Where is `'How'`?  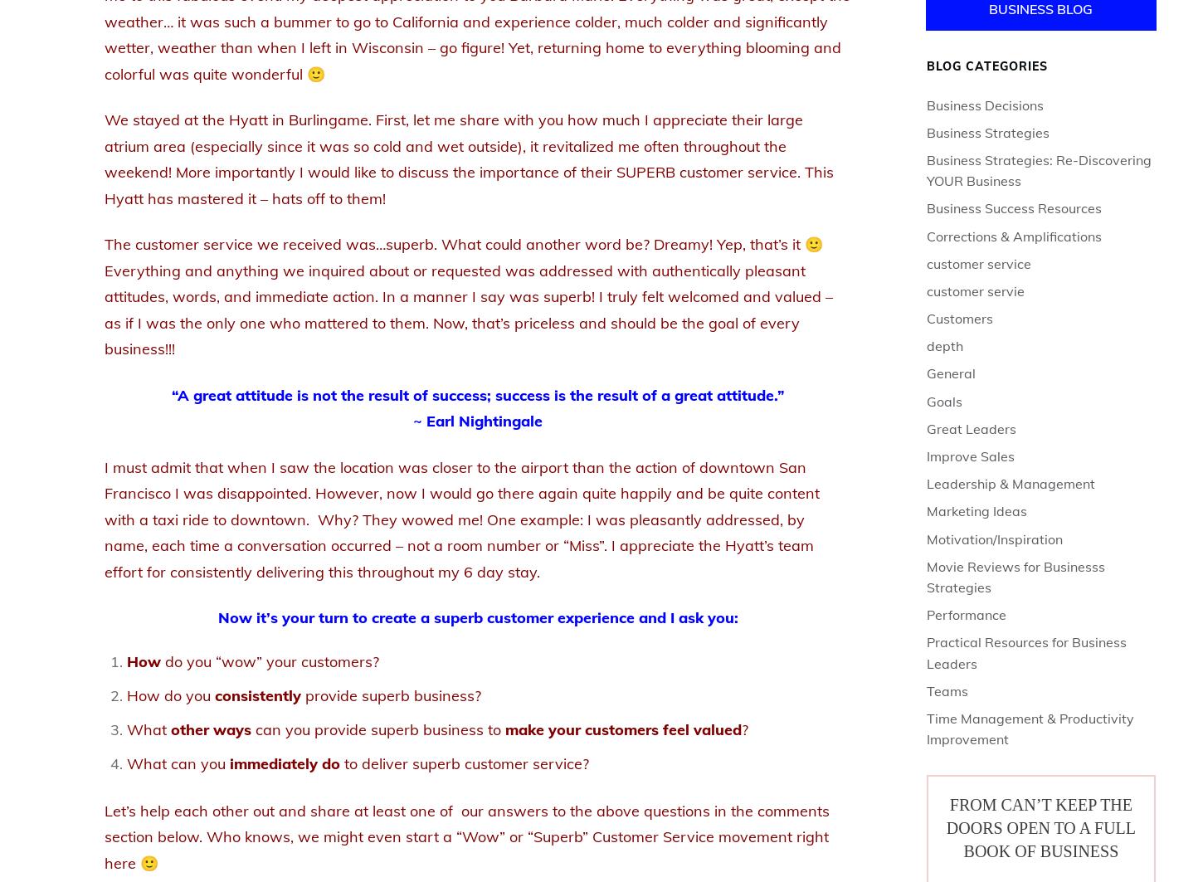
'How' is located at coordinates (143, 660).